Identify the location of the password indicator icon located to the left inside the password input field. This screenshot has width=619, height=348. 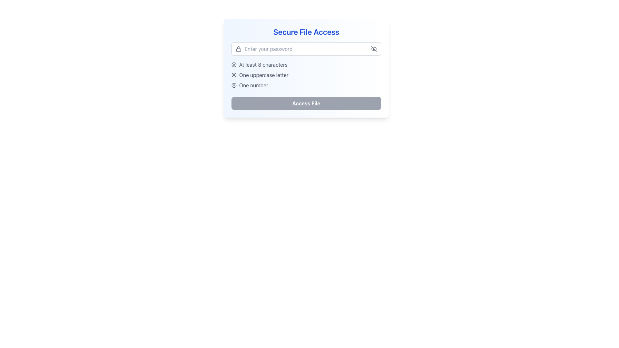
(238, 48).